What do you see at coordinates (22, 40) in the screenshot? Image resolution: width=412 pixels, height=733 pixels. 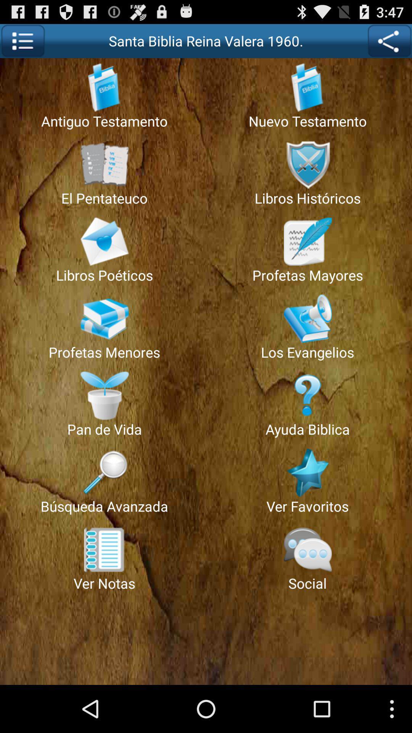 I see `the app to the left of the santa biblia reina app` at bounding box center [22, 40].